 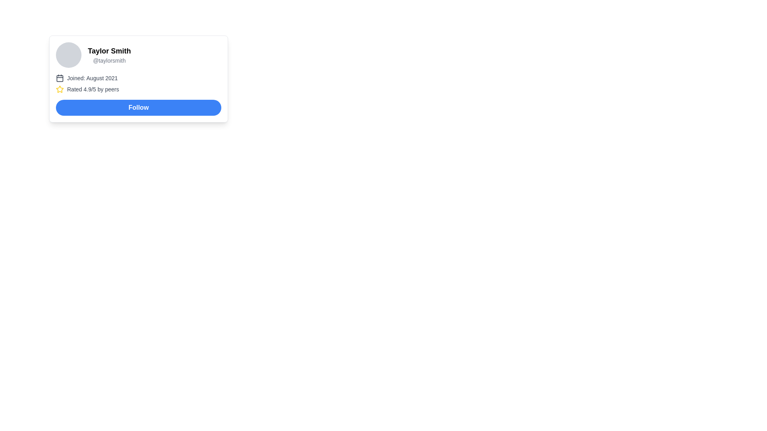 I want to click on the Composite text display showing the name 'Taylor Smith' and username information, located in the upper portion of the card-like component, so click(x=109, y=55).